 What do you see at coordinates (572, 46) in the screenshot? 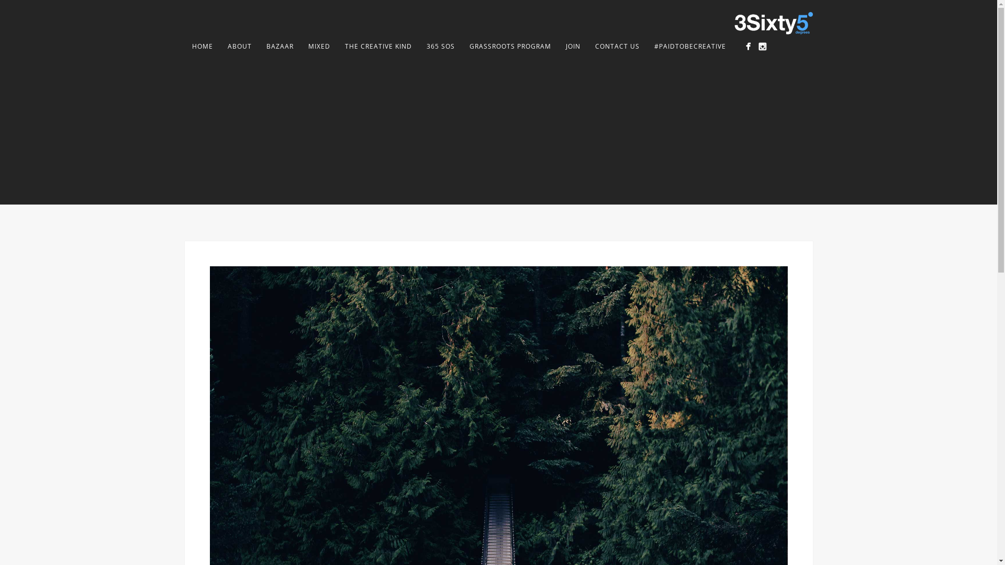
I see `'JOIN'` at bounding box center [572, 46].